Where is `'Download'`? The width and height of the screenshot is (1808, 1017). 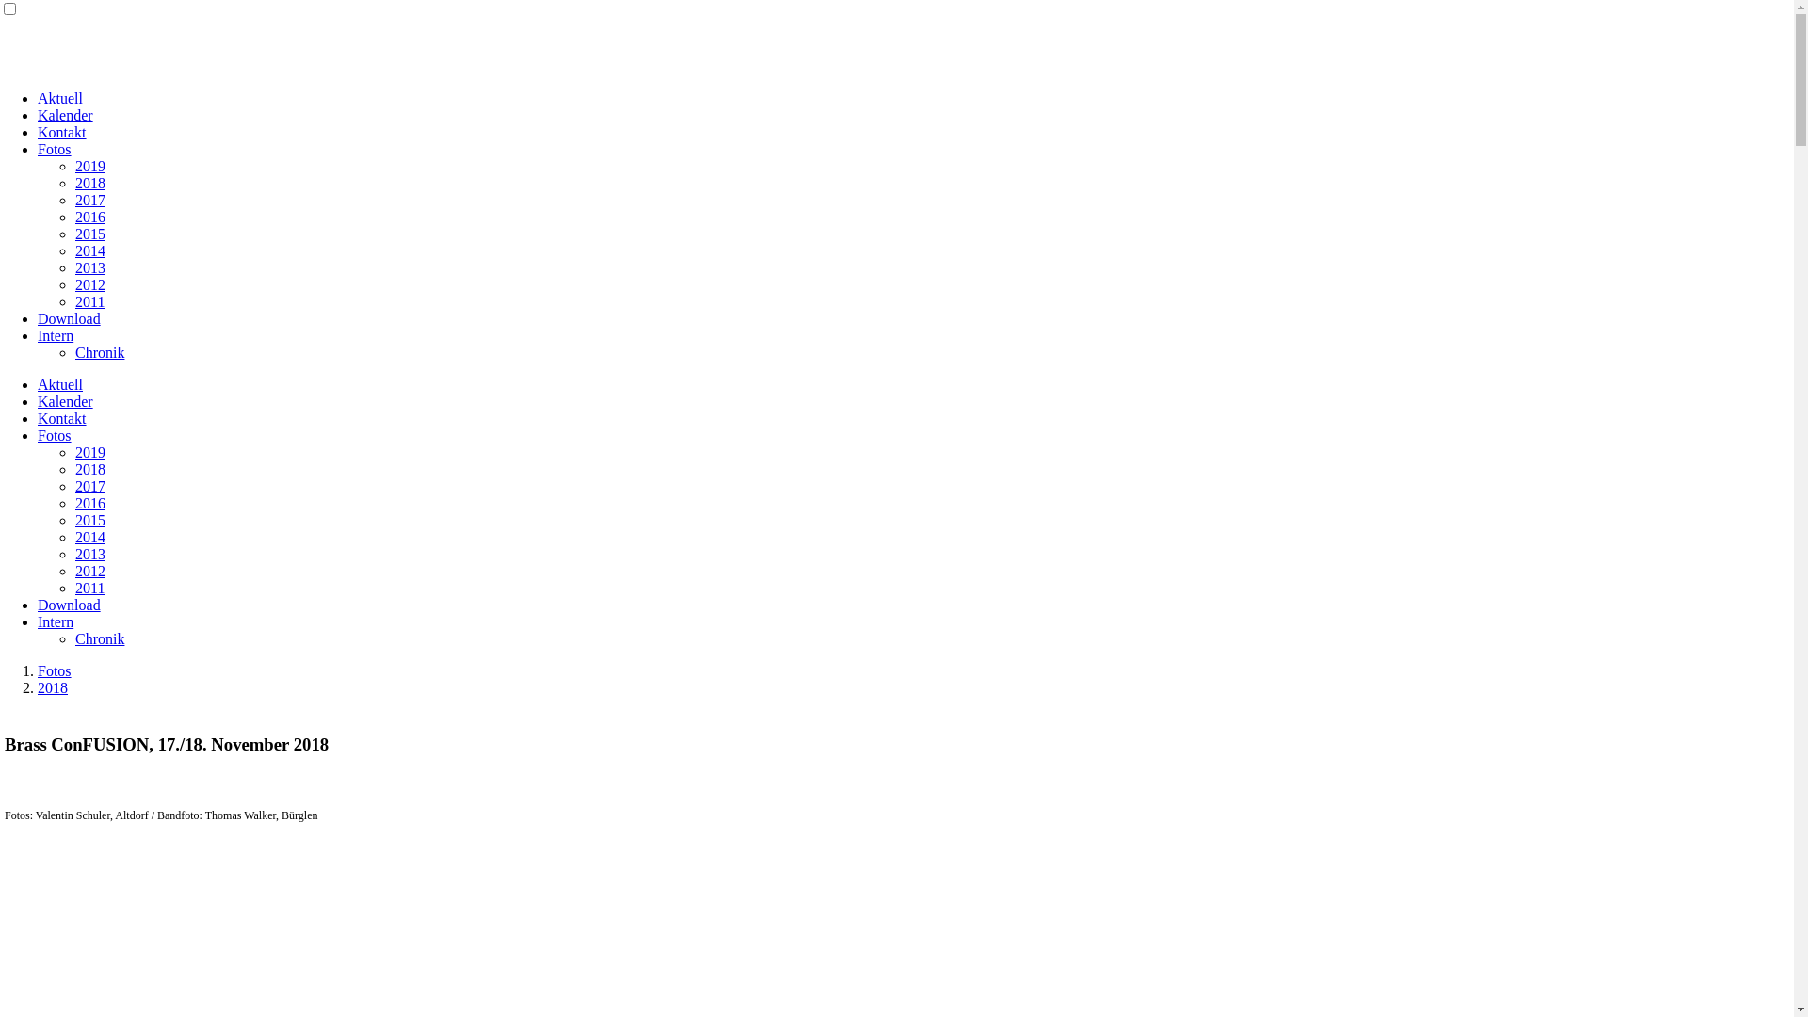
'Download' is located at coordinates (37, 605).